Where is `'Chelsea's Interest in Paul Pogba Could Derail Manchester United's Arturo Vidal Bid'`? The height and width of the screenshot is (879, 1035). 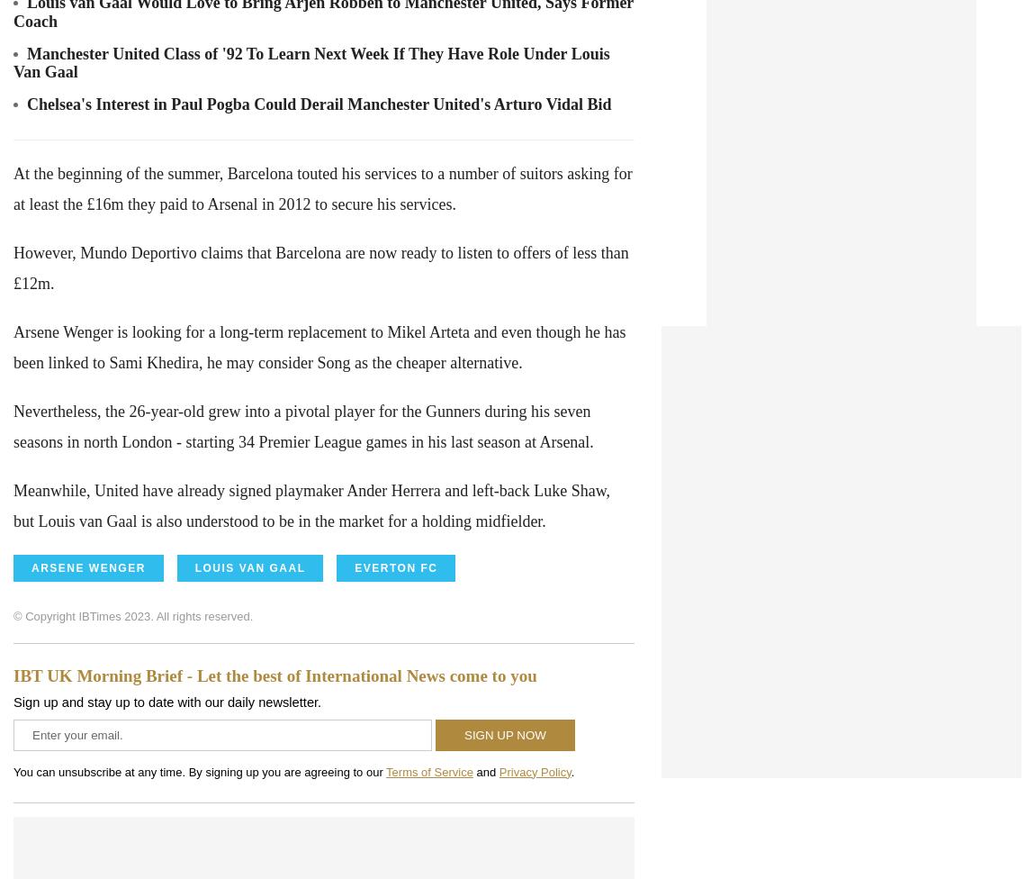 'Chelsea's Interest in Paul Pogba Could Derail Manchester United's Arturo Vidal Bid' is located at coordinates (26, 104).